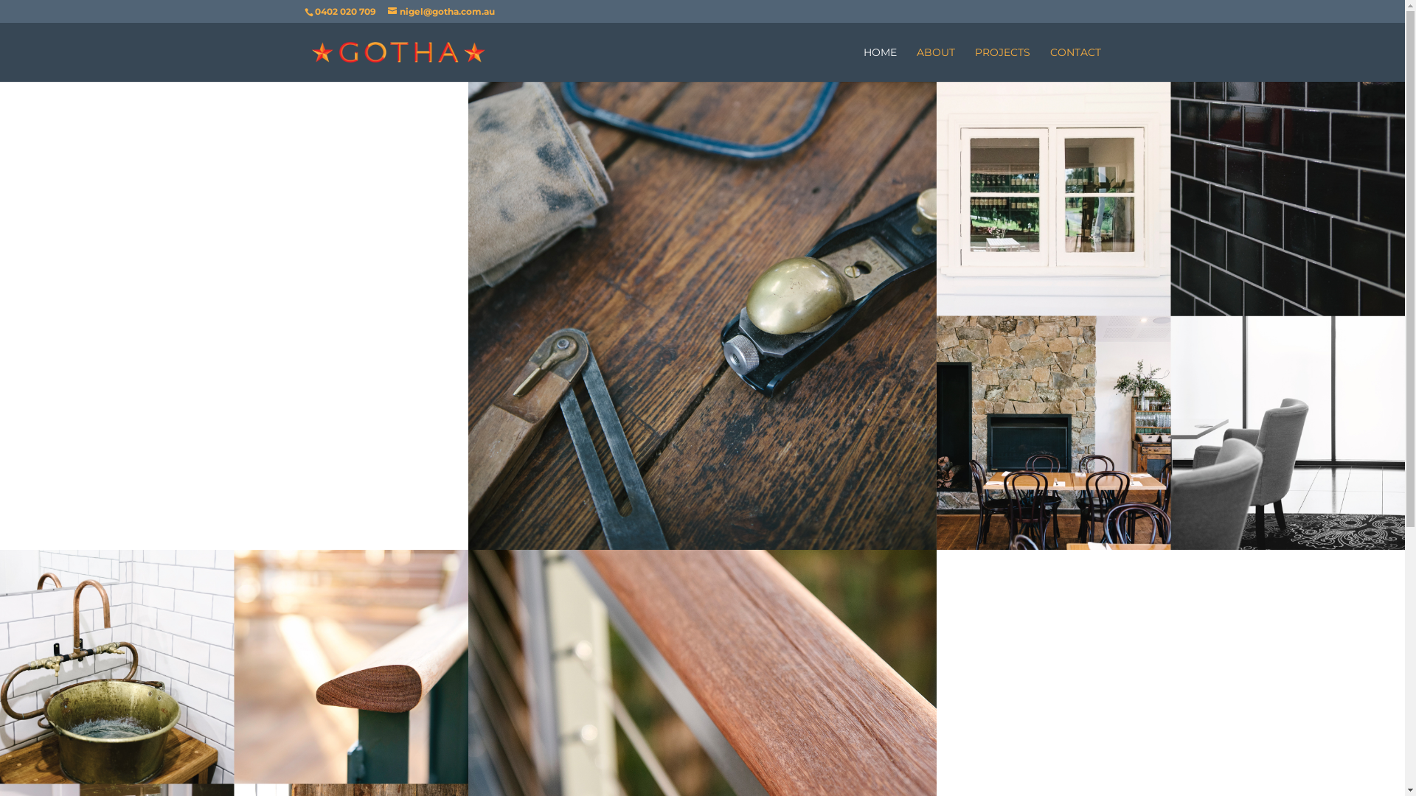  I want to click on 'CONTACT', so click(1049, 63).